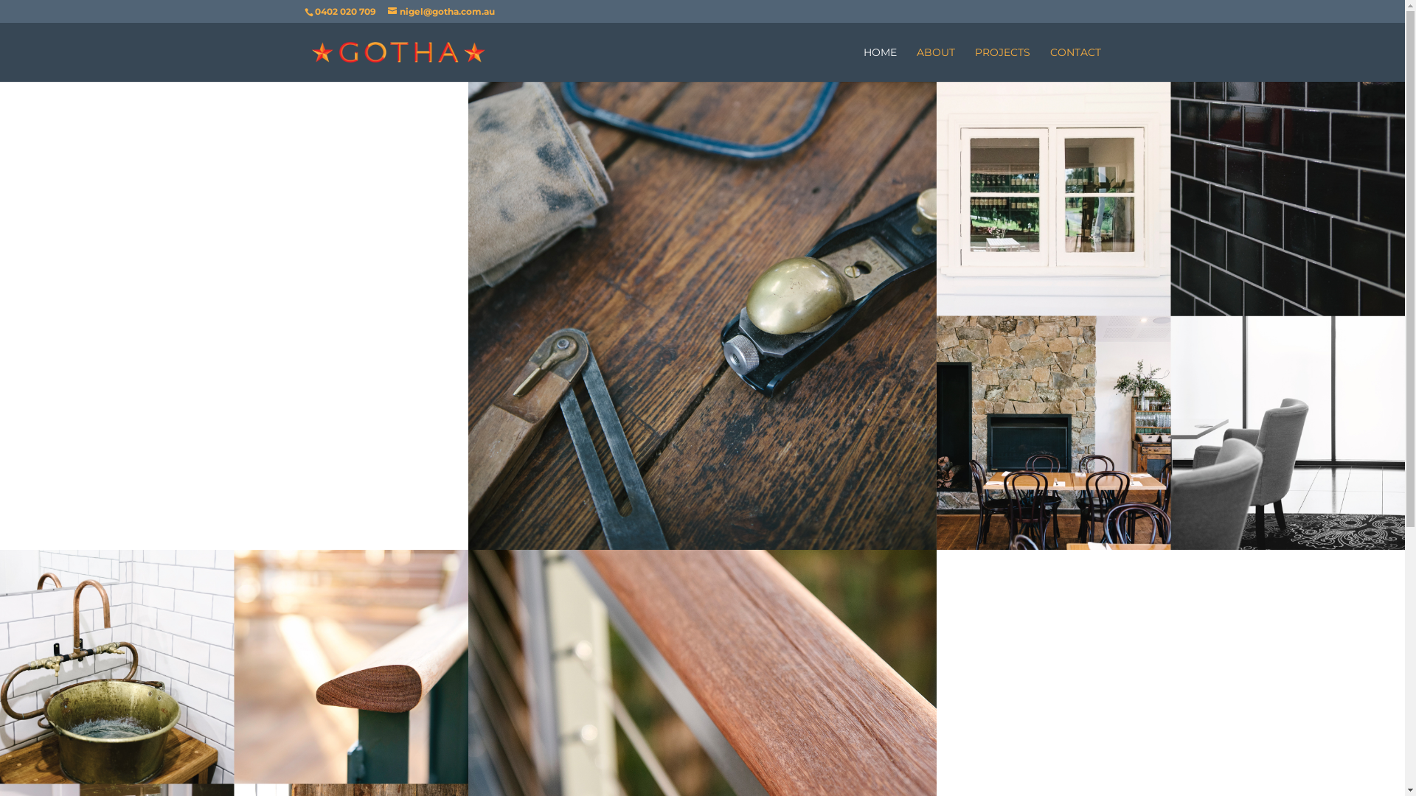  I want to click on 'CONTACT', so click(1049, 63).